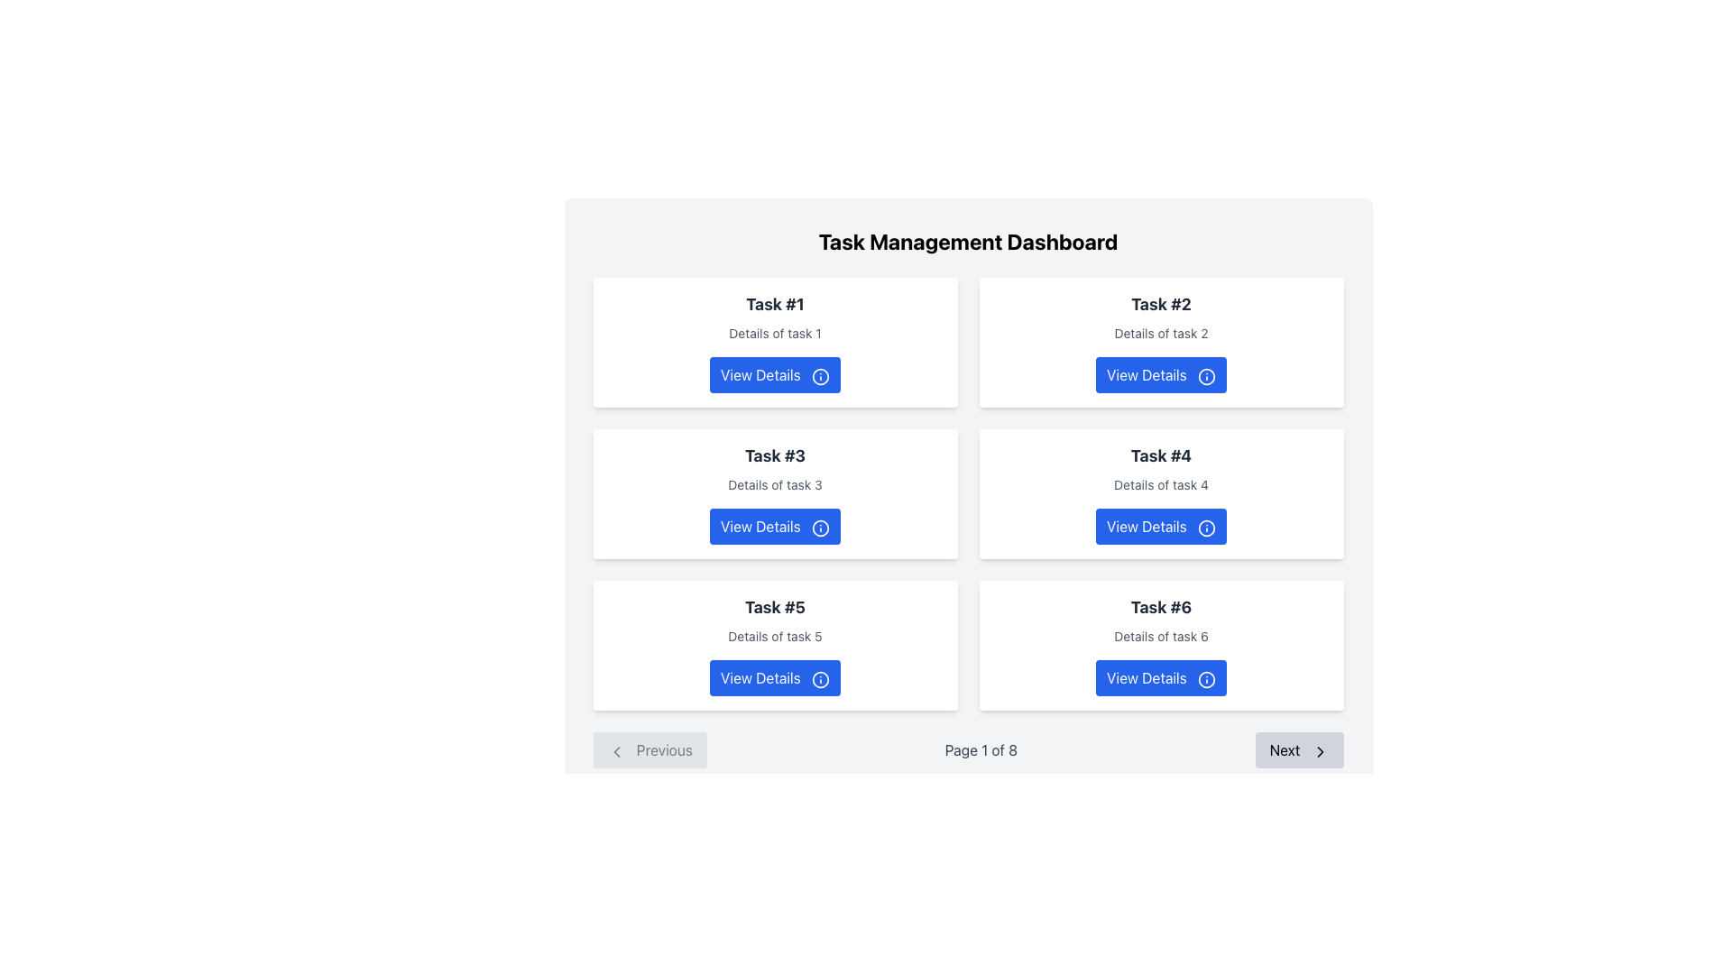 This screenshot has height=974, width=1732. What do you see at coordinates (819, 375) in the screenshot?
I see `the information icon inside the 'View Details' button located under the 'Task #1' card section in the dashboard` at bounding box center [819, 375].